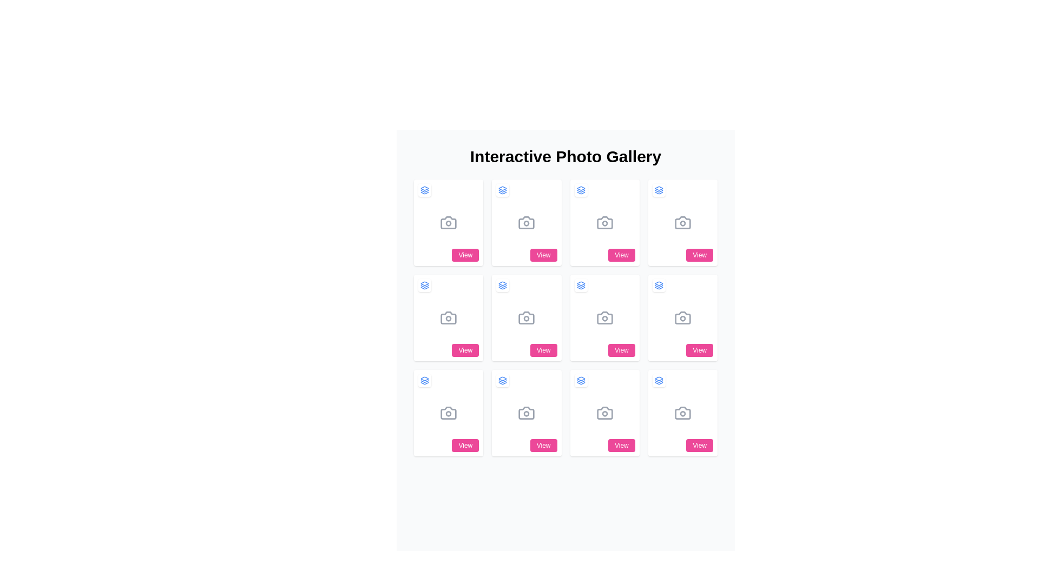 This screenshot has height=584, width=1039. What do you see at coordinates (621, 350) in the screenshot?
I see `the button located in the bottom-right corner of the second card in the third row of a 4x4 grid` at bounding box center [621, 350].